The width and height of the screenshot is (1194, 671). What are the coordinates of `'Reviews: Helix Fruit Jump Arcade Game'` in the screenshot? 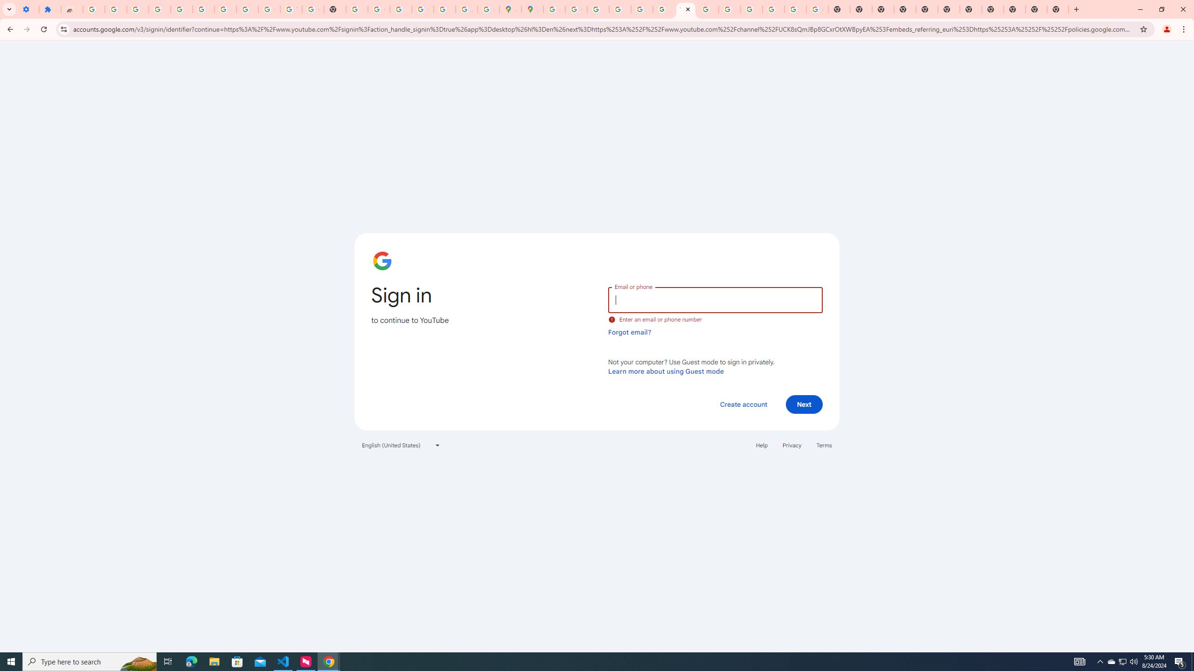 It's located at (72, 9).